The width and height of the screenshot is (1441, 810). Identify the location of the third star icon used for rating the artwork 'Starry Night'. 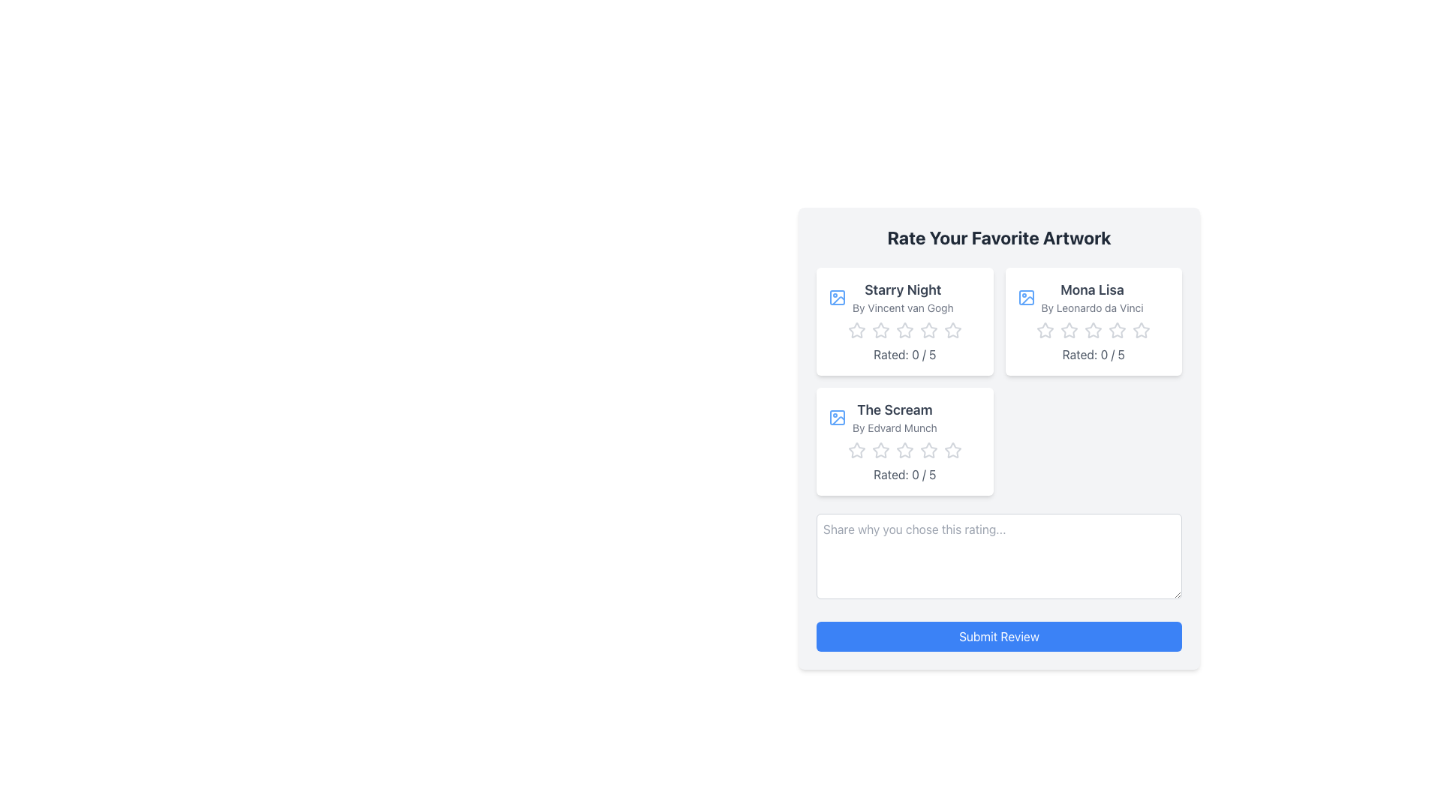
(880, 329).